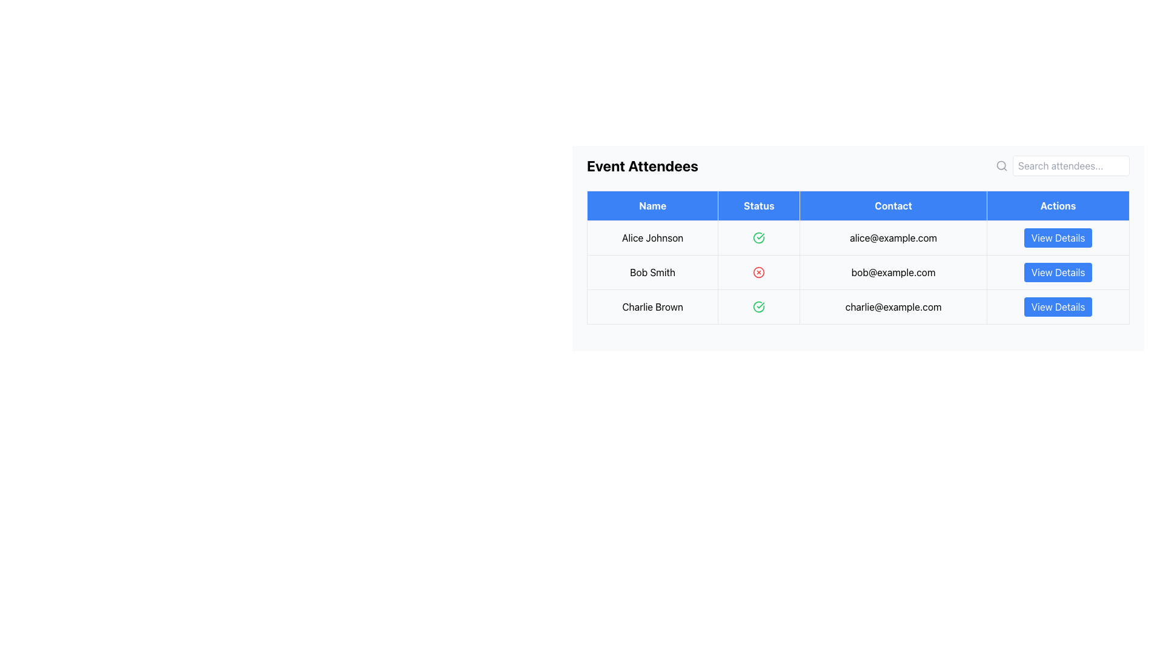  Describe the element at coordinates (893, 306) in the screenshot. I see `email address 'charlie@example.com' displayed in the 'Contact' column of the third row in the table for attendee 'Charlie Brown'` at that location.